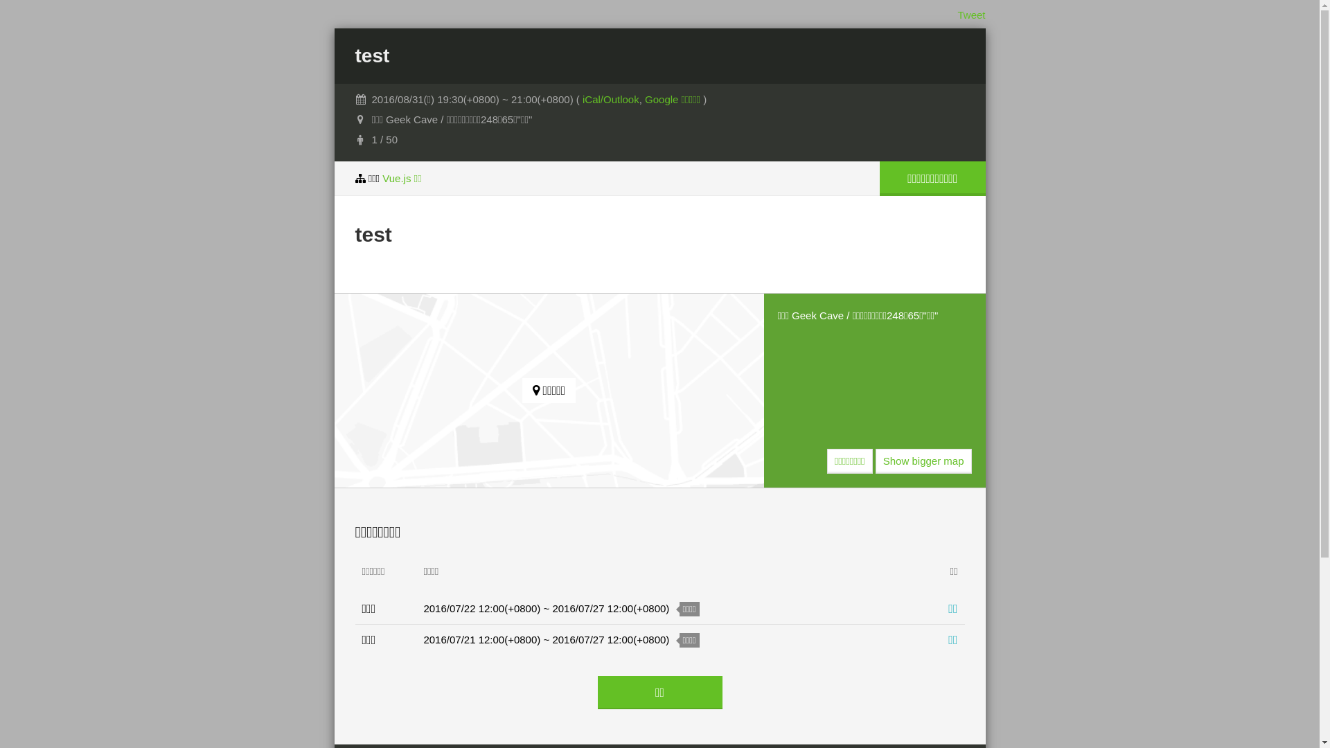  I want to click on 'Tweet', so click(957, 15).